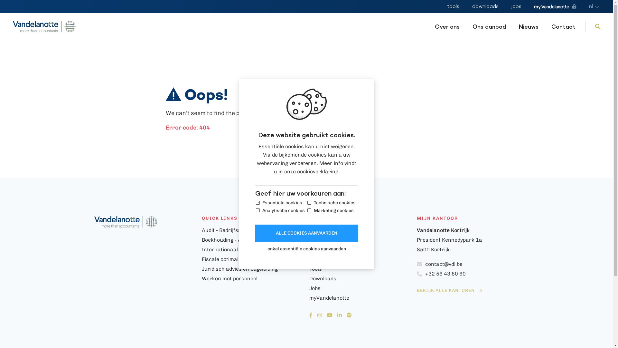 The image size is (618, 348). I want to click on 'Over ons', so click(447, 26).